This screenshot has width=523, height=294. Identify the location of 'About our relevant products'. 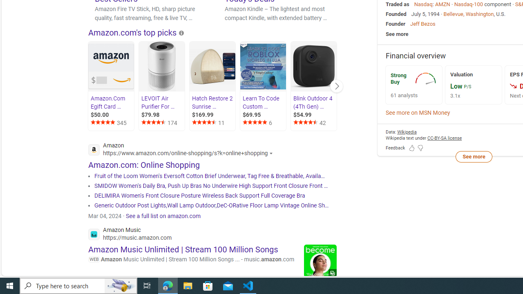
(181, 32).